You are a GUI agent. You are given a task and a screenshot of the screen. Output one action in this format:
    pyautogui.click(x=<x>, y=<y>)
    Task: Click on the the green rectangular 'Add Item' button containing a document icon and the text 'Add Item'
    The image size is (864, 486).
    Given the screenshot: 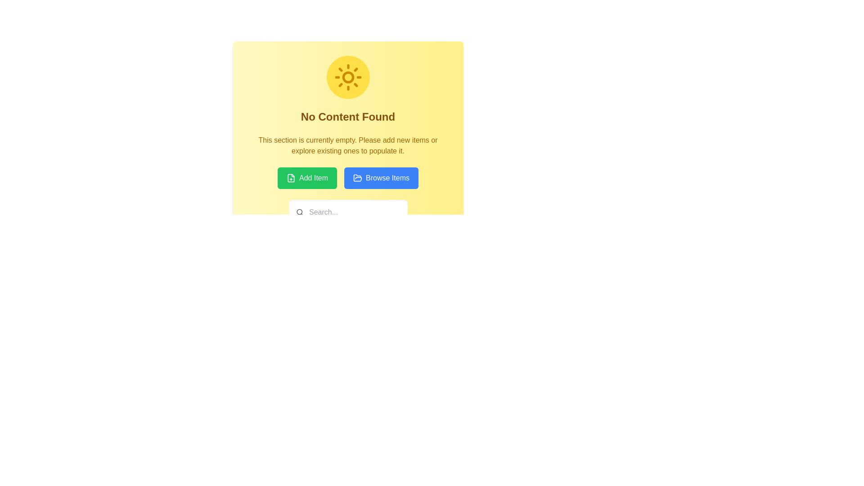 What is the action you would take?
    pyautogui.click(x=291, y=178)
    